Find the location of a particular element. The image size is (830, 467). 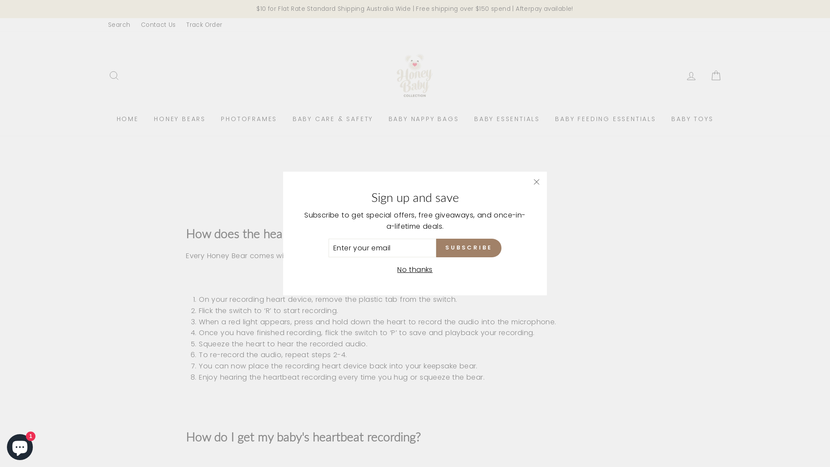

'"Close (esc)"' is located at coordinates (536, 181).